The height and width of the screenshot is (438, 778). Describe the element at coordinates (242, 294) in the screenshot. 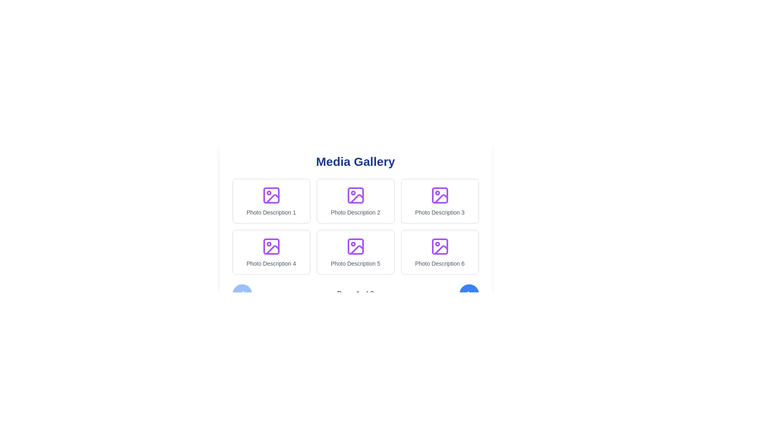

I see `the navigation button for backward movement, located on the leftmost end of the navigation footer bar` at that location.